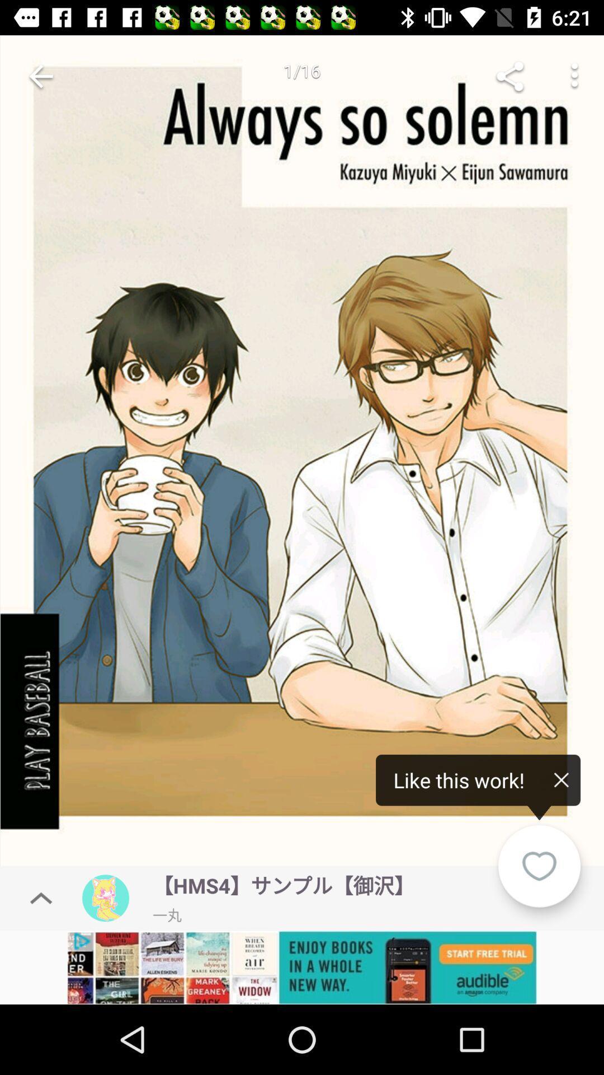 The width and height of the screenshot is (604, 1075). Describe the element at coordinates (539, 866) in the screenshot. I see `likr buttin` at that location.